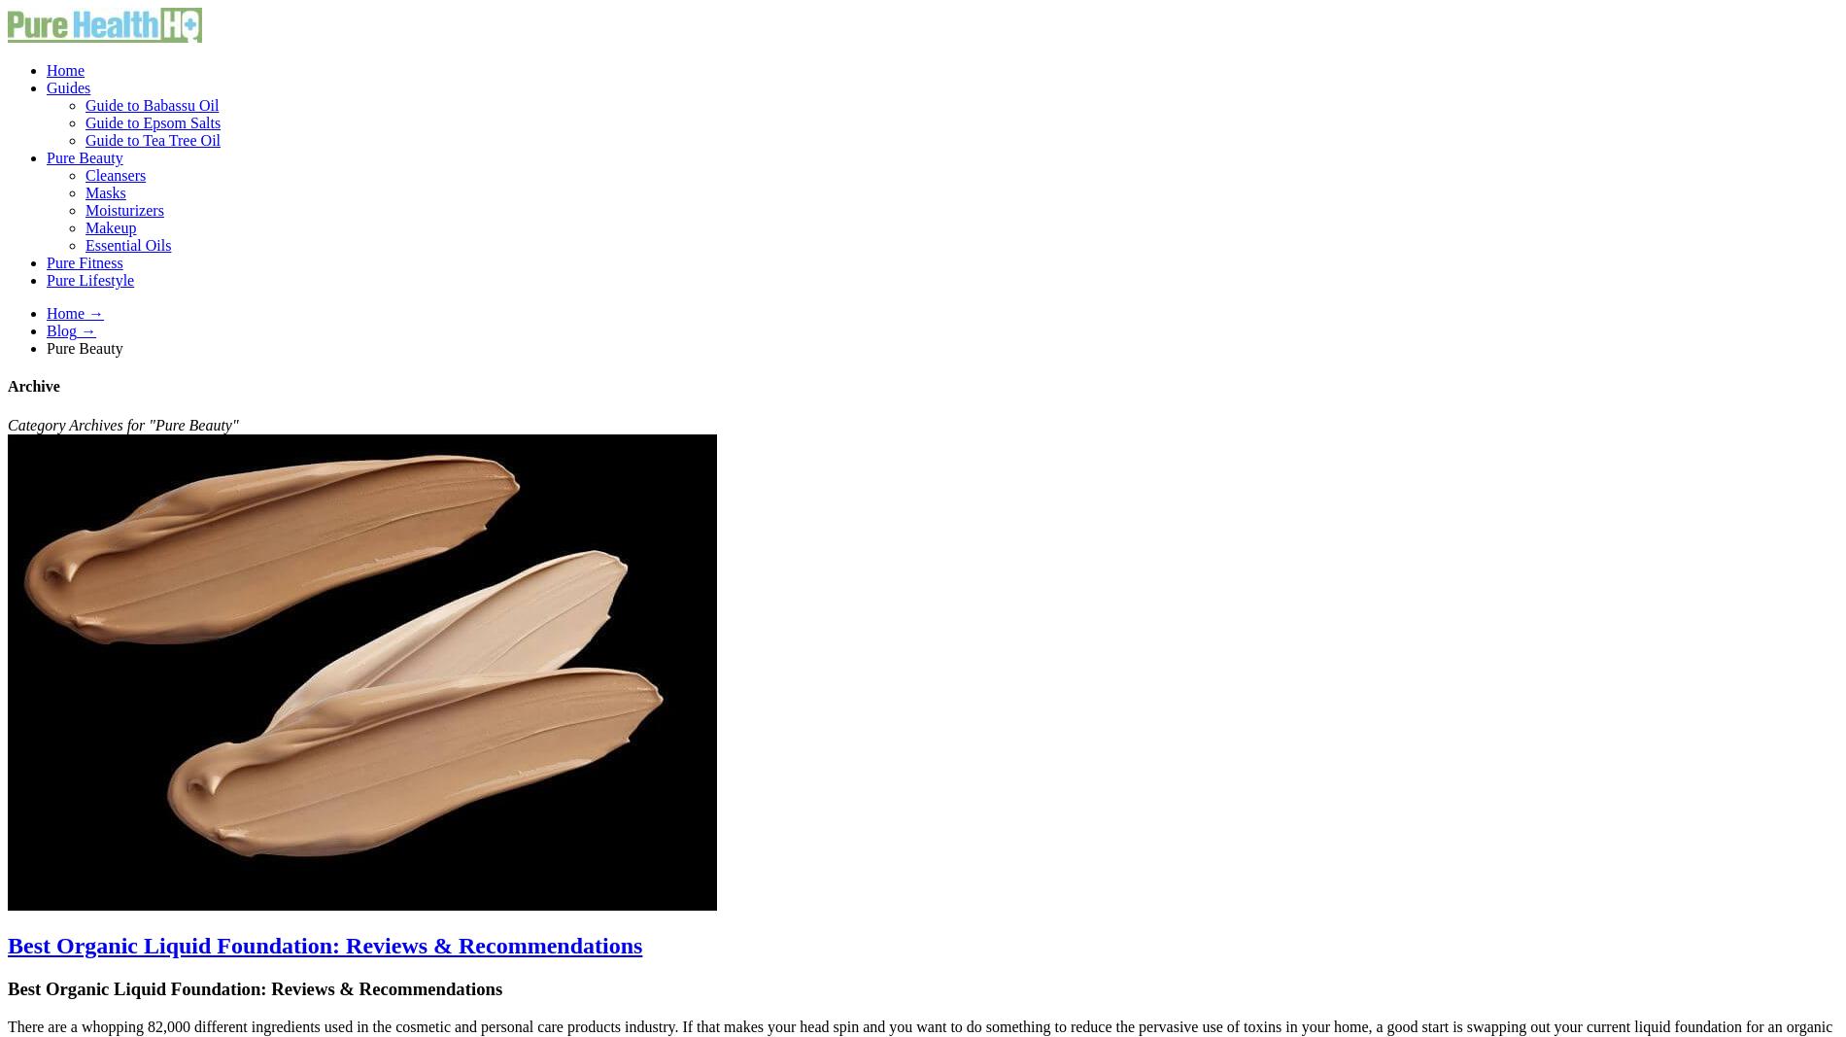  I want to click on 'Category Archives for "Pure Beauty"', so click(122, 423).